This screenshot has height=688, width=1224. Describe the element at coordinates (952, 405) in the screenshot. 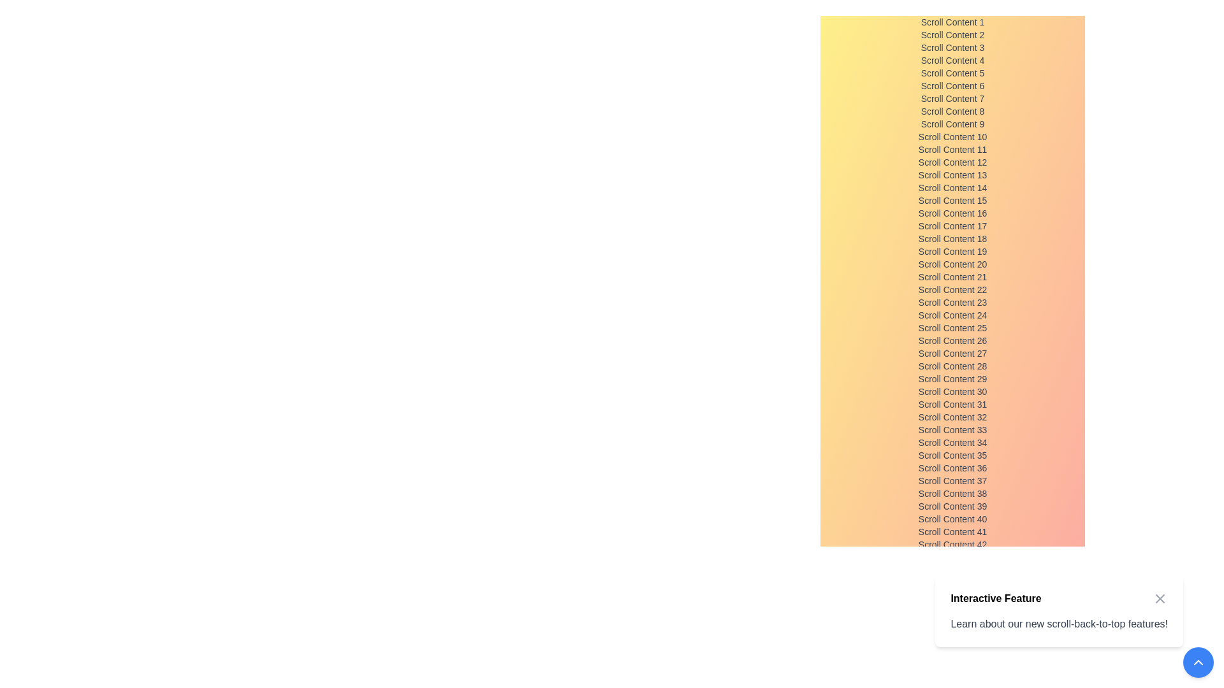

I see `the text label reading 'Scroll Content 31' which is positioned in the lower middle section of a vertically stacked list of similar labels` at that location.